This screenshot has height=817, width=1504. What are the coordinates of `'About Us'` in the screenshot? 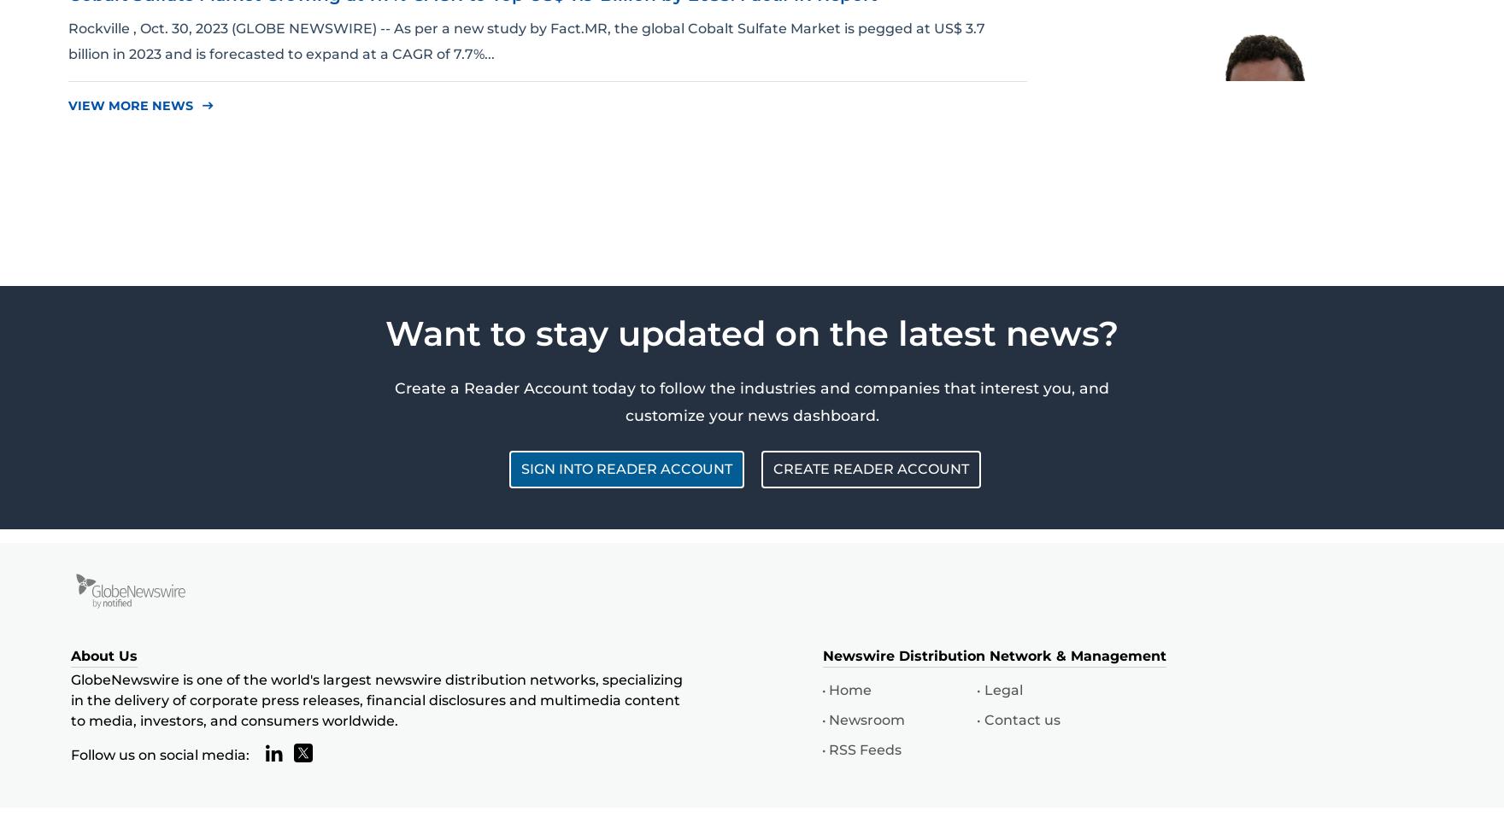 It's located at (71, 654).